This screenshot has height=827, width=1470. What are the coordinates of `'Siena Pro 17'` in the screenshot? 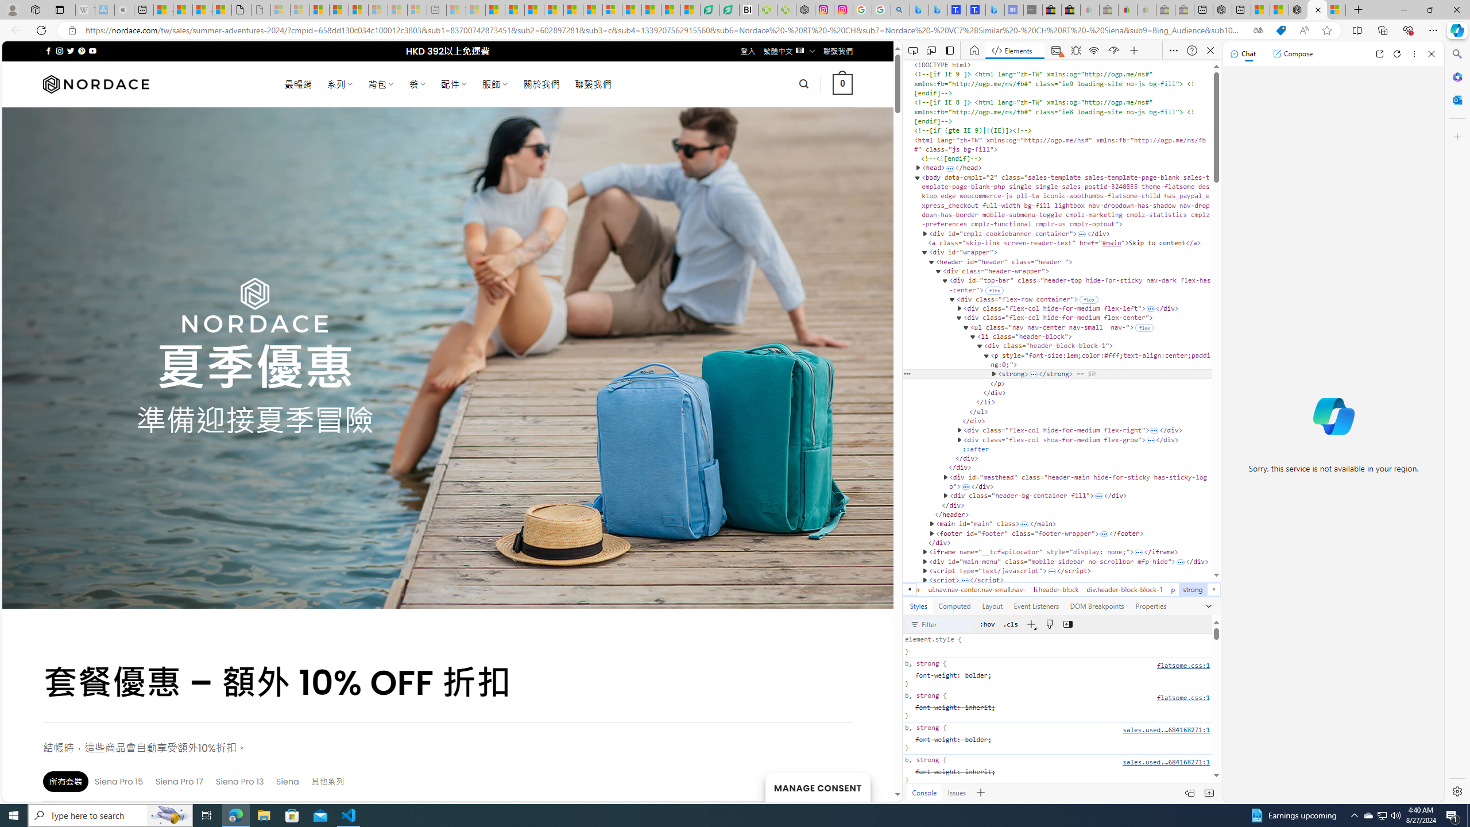 It's located at (180, 780).